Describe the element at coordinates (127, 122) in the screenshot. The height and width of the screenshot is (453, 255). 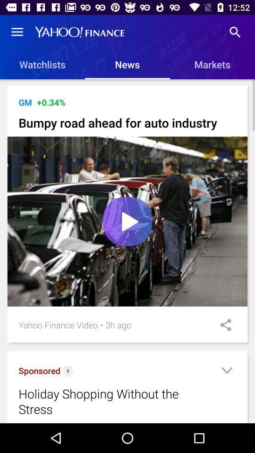
I see `bumpy road ahead item` at that location.